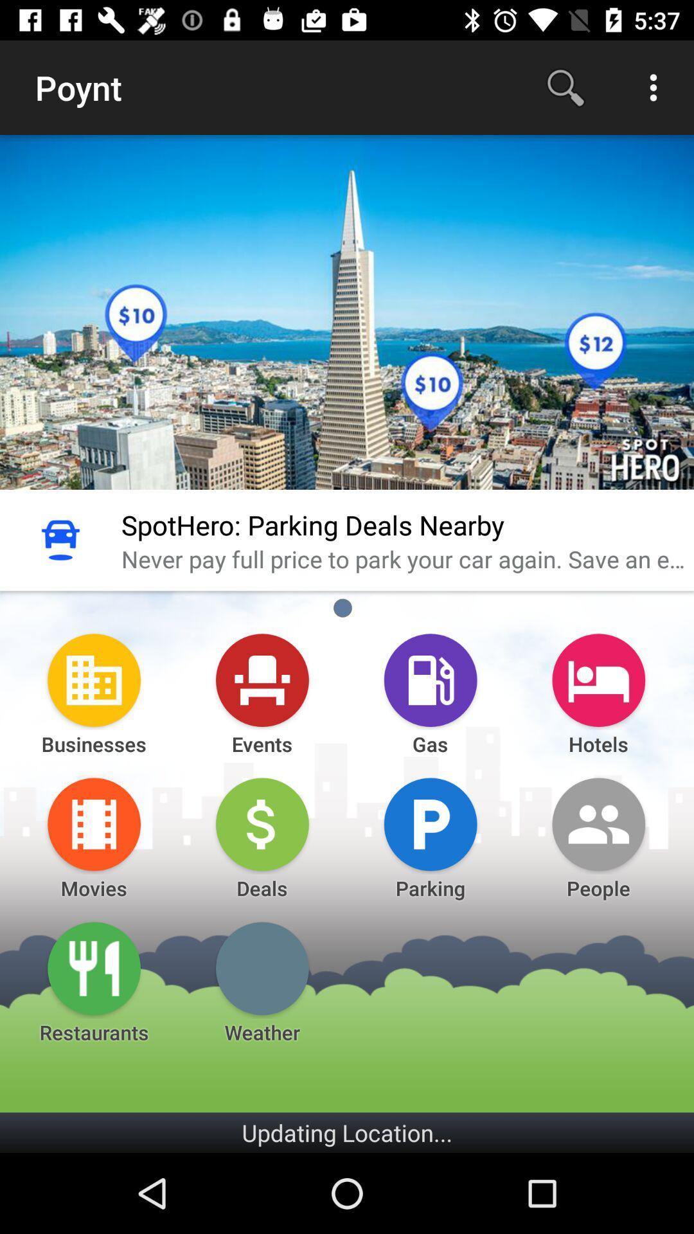 The width and height of the screenshot is (694, 1234). I want to click on option movies from the second line, so click(93, 824).